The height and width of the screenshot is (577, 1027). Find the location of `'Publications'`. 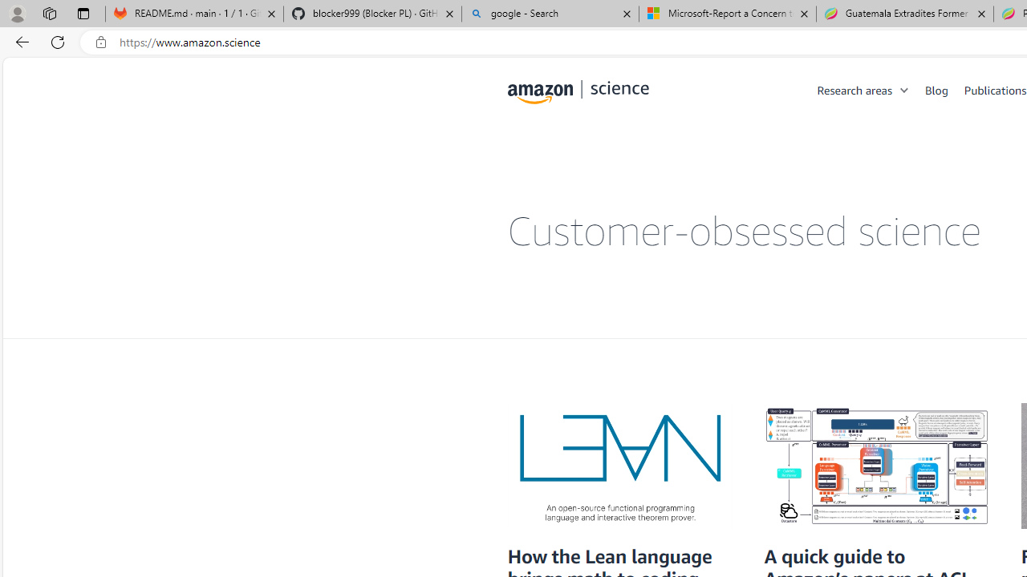

'Publications' is located at coordinates (994, 89).